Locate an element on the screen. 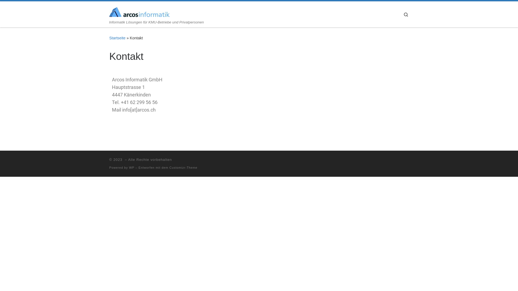 The height and width of the screenshot is (291, 518). 'Search' is located at coordinates (399, 14).